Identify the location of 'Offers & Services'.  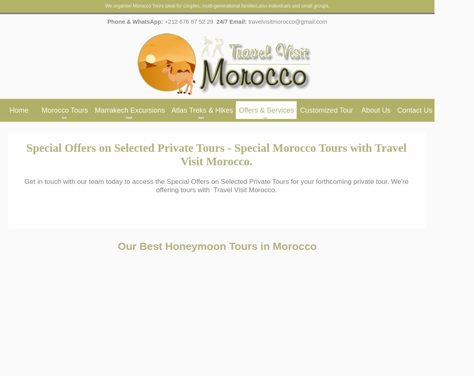
(238, 110).